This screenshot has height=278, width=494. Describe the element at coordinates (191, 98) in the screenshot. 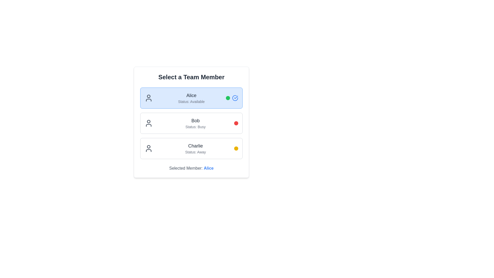

I see `the textual display component showing 'Alice' with the status 'Available' in the 'Select a Team Member' section` at that location.